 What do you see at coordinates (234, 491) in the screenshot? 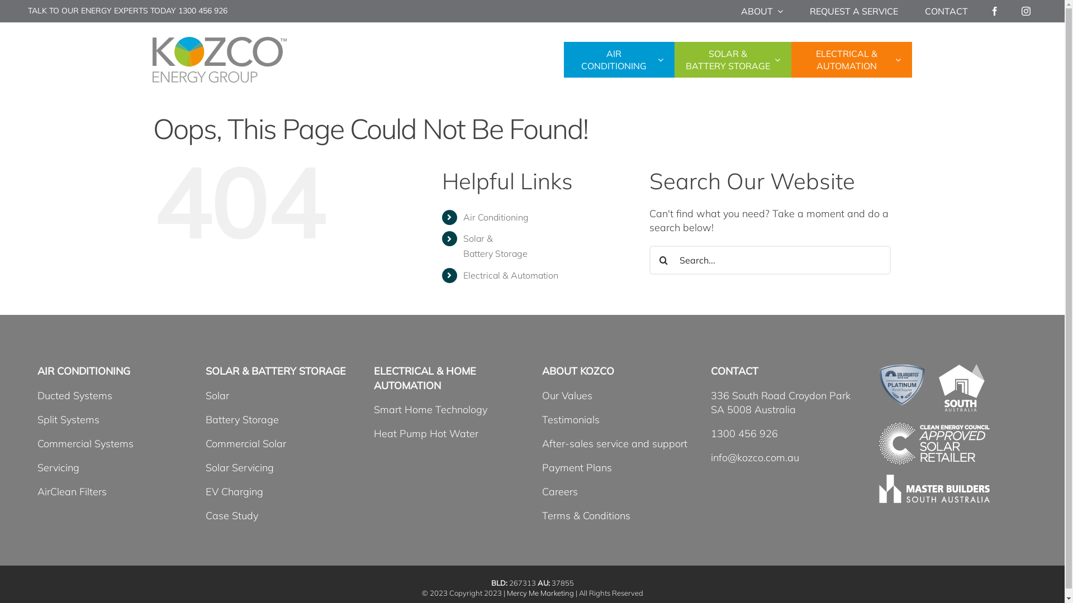
I see `'EV Charging'` at bounding box center [234, 491].